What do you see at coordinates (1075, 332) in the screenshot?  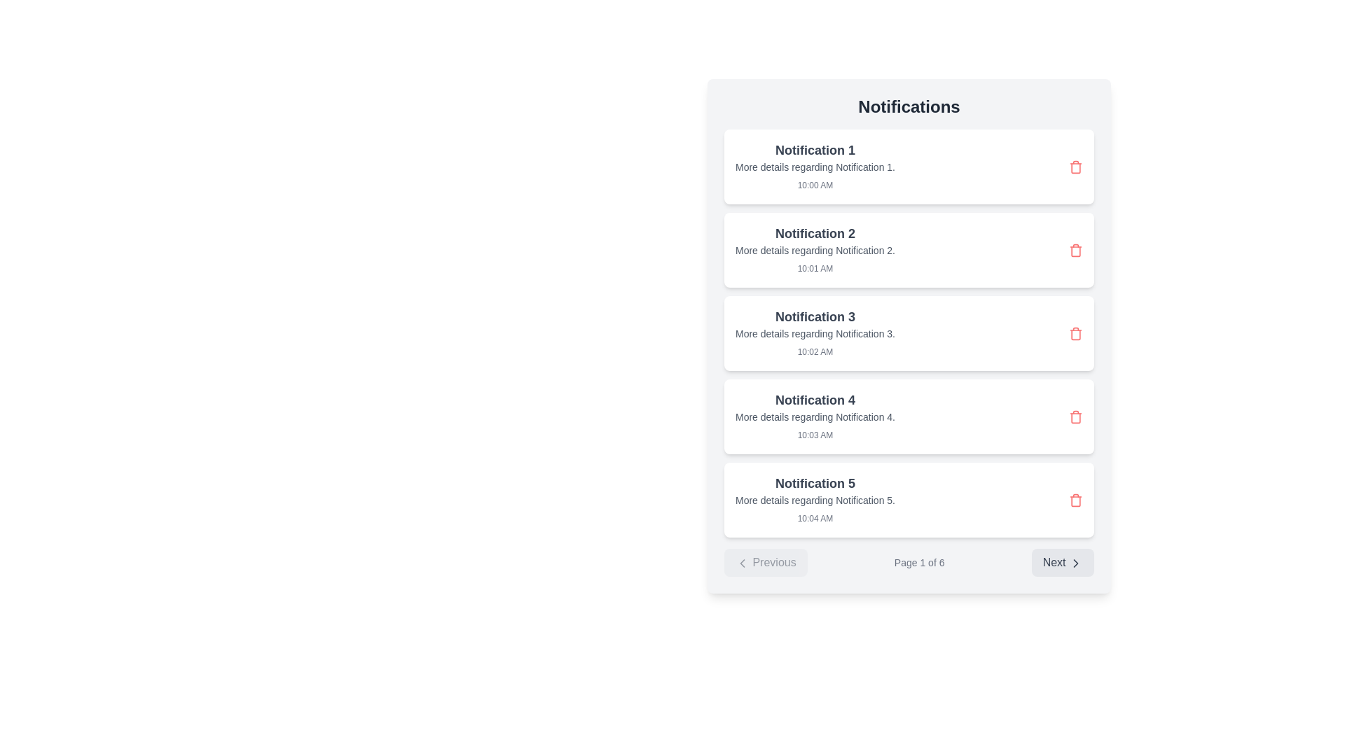 I see `the delete button located at the far right of the notification entry titled 'Notification 3'` at bounding box center [1075, 332].